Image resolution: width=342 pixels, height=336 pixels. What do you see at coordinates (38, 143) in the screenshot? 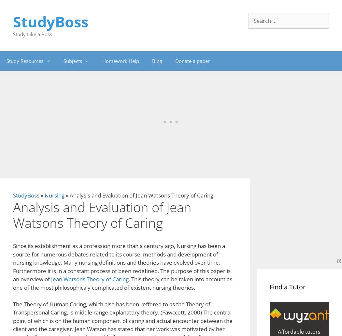
I see `'Cite This Work'` at bounding box center [38, 143].